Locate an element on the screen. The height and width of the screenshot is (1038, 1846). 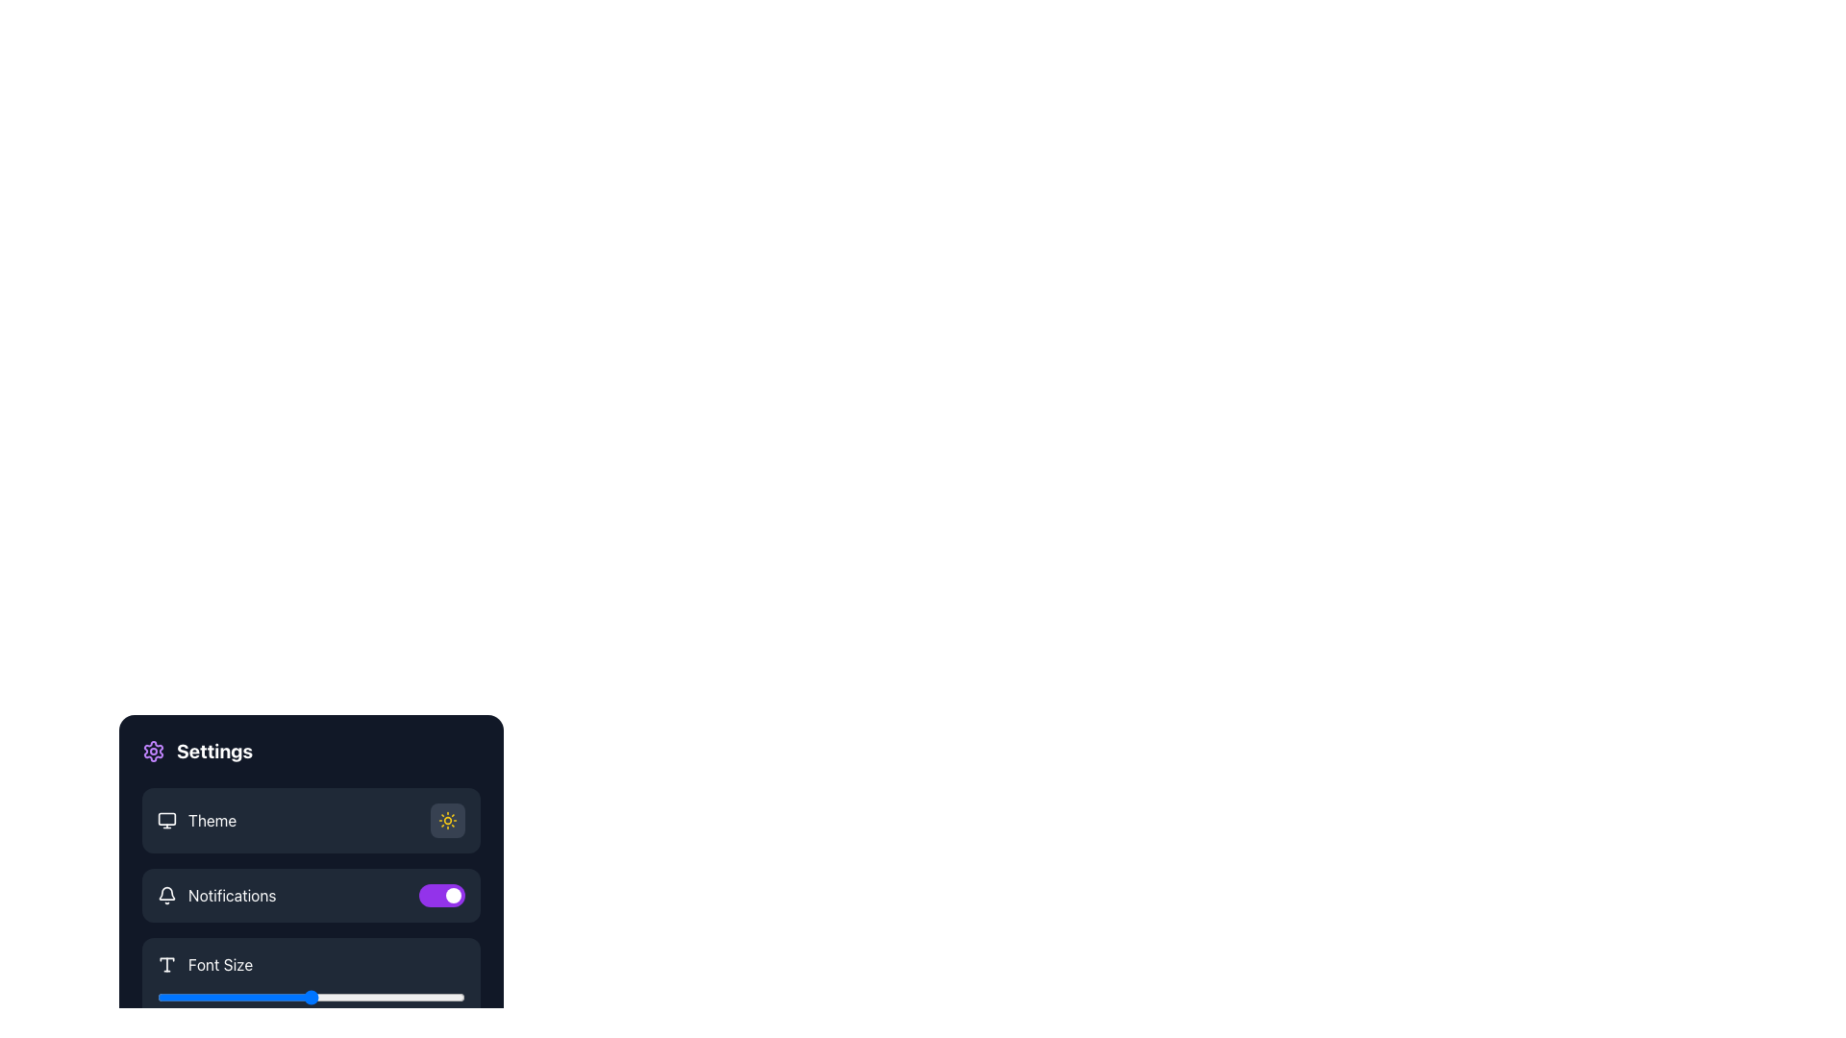
the bold text label displaying 'Settings' located at the top-left corner of the settings panel is located at coordinates (214, 751).